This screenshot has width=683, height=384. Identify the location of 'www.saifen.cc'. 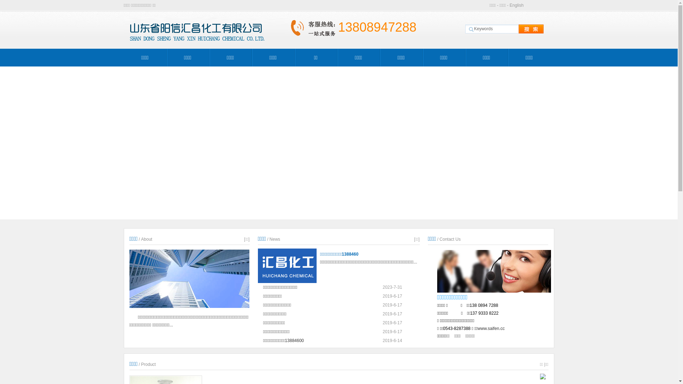
(491, 329).